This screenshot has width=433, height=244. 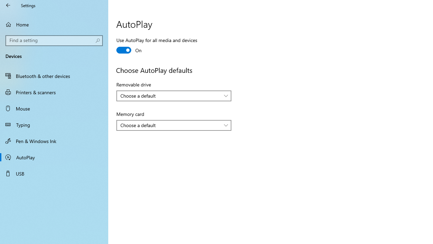 I want to click on 'Typing', so click(x=54, y=124).